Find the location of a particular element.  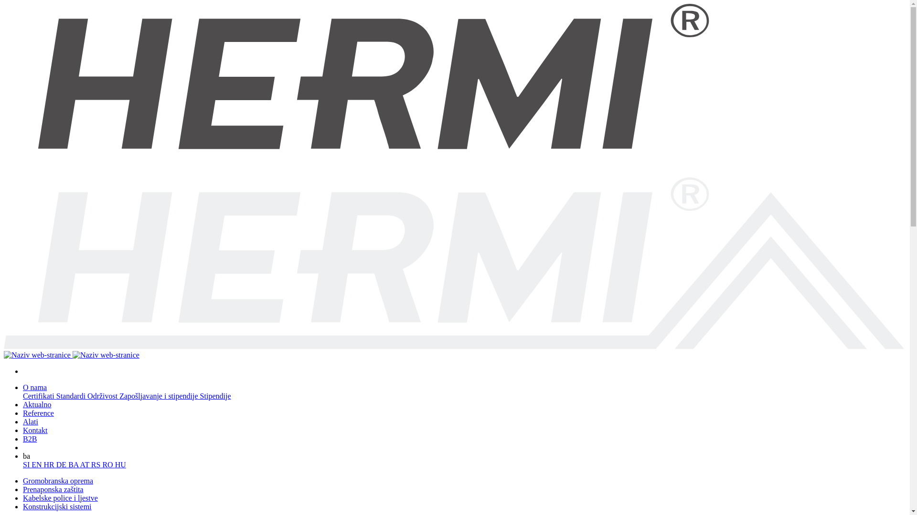

'SI' is located at coordinates (27, 464).